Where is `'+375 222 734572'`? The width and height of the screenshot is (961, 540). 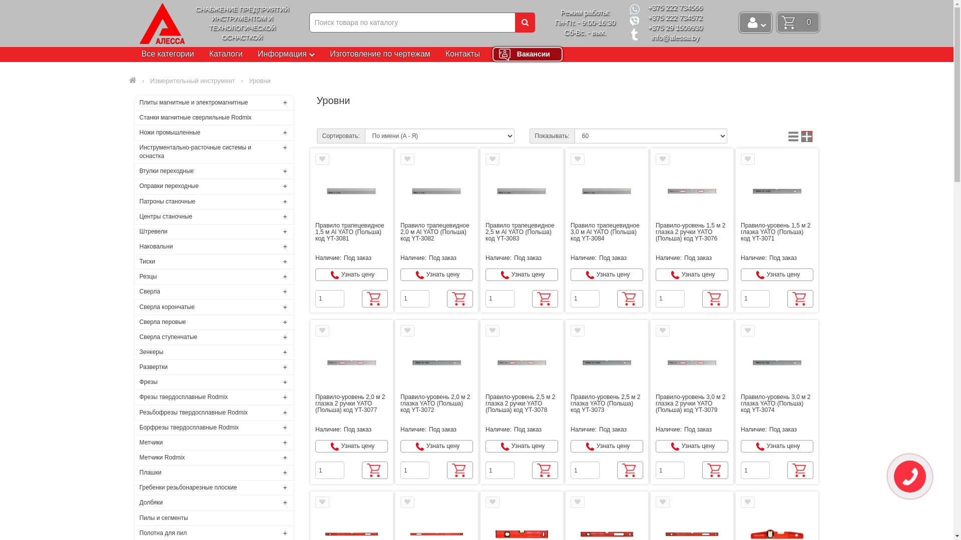 '+375 222 734572' is located at coordinates (675, 17).